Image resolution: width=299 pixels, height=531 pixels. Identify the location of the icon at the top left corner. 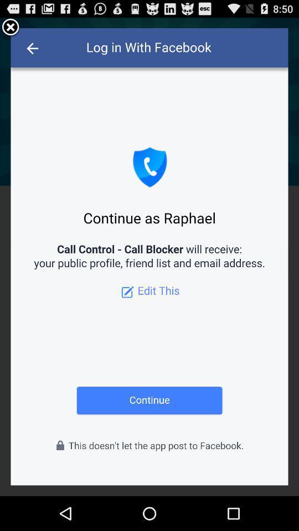
(10, 27).